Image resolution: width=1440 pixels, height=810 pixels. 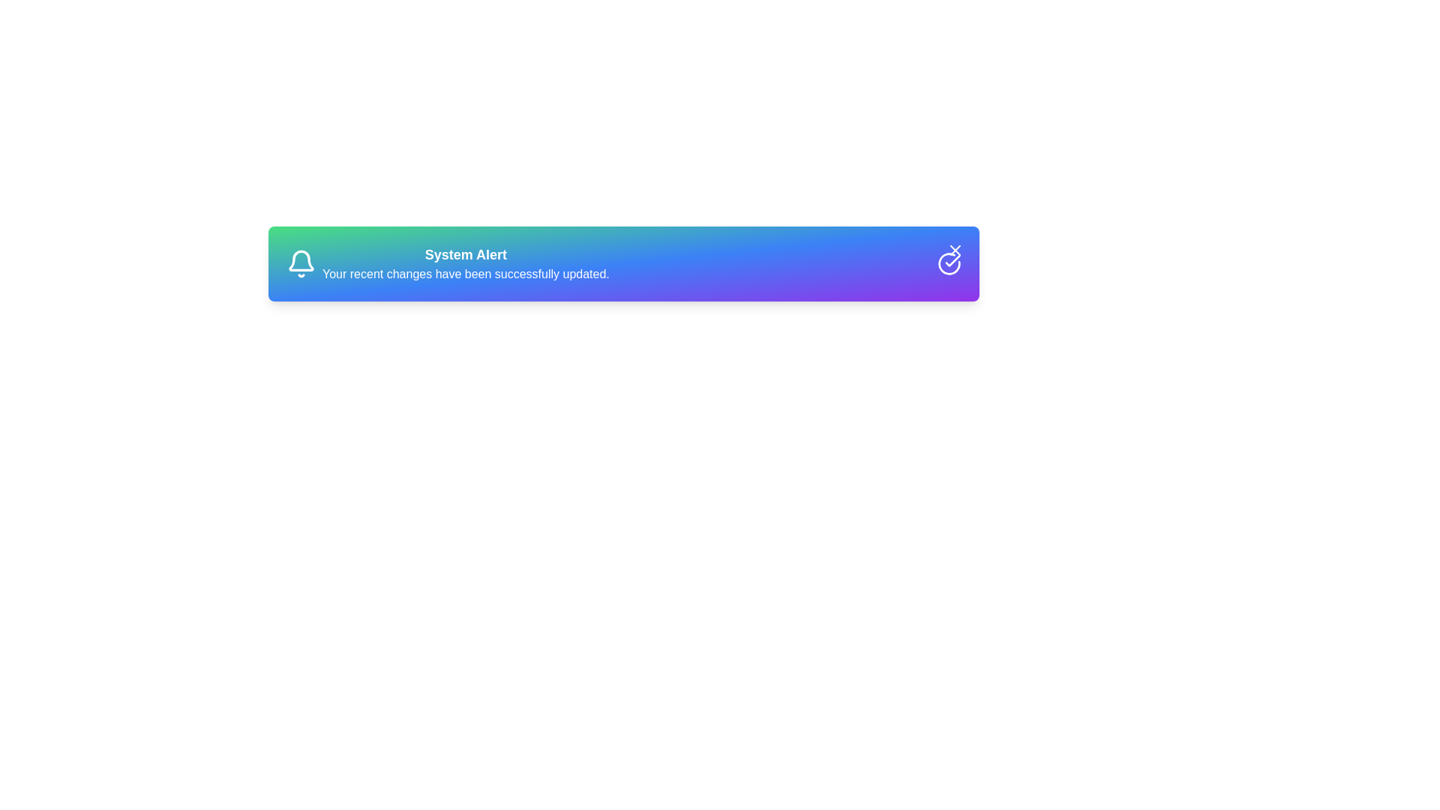 I want to click on the close button in the top-right corner of the alert, so click(x=954, y=250).